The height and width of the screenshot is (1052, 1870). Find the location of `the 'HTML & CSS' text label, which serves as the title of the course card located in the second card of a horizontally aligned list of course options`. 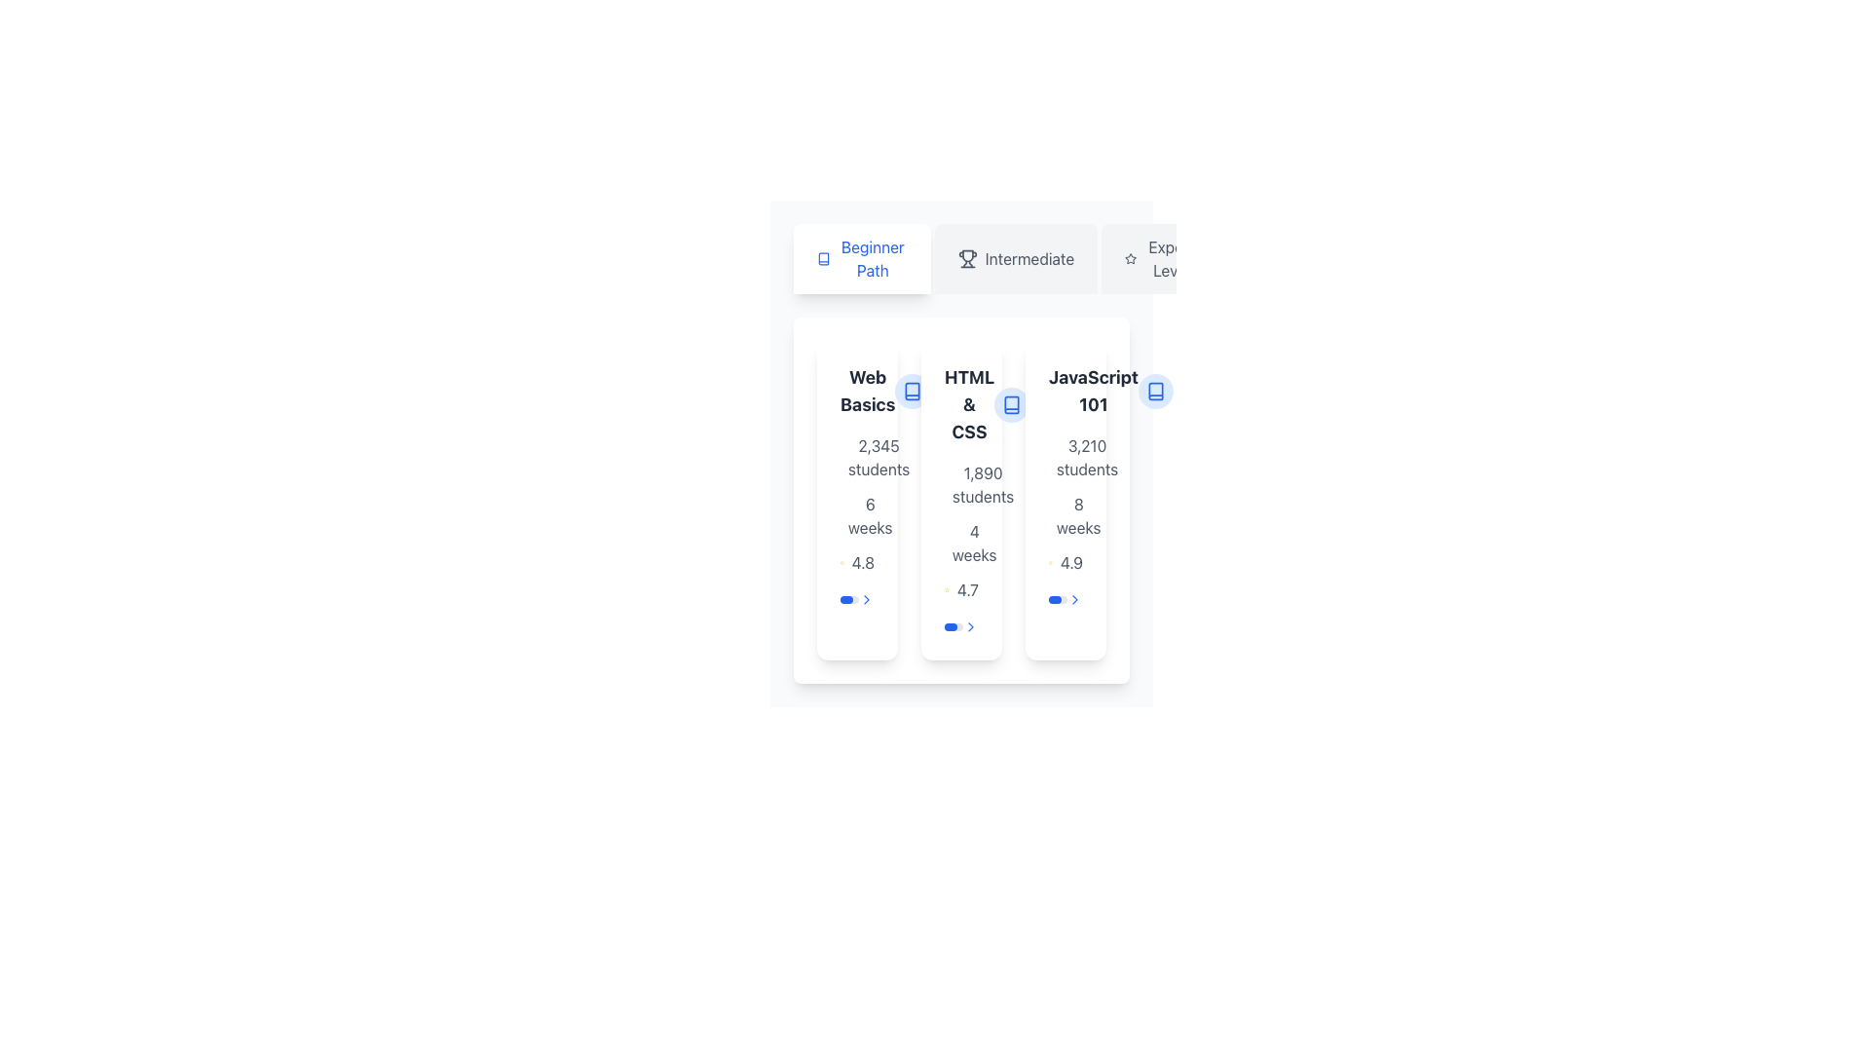

the 'HTML & CSS' text label, which serves as the title of the course card located in the second card of a horizontally aligned list of course options is located at coordinates (969, 404).